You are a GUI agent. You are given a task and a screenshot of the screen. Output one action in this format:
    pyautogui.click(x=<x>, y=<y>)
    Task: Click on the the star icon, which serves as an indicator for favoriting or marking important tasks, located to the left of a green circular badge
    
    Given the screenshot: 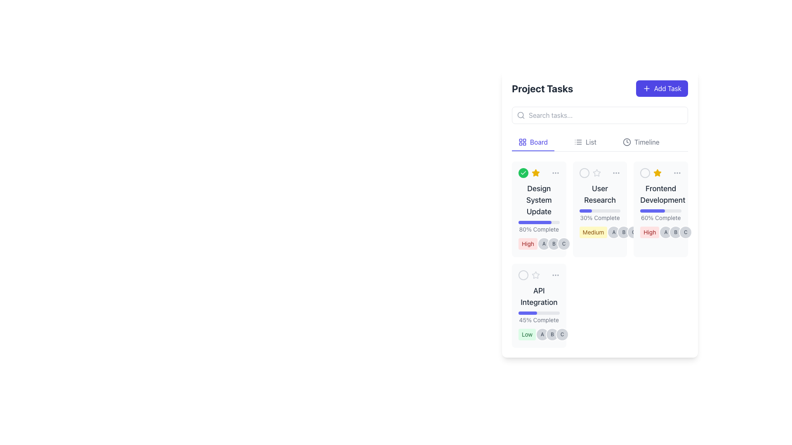 What is the action you would take?
    pyautogui.click(x=536, y=173)
    